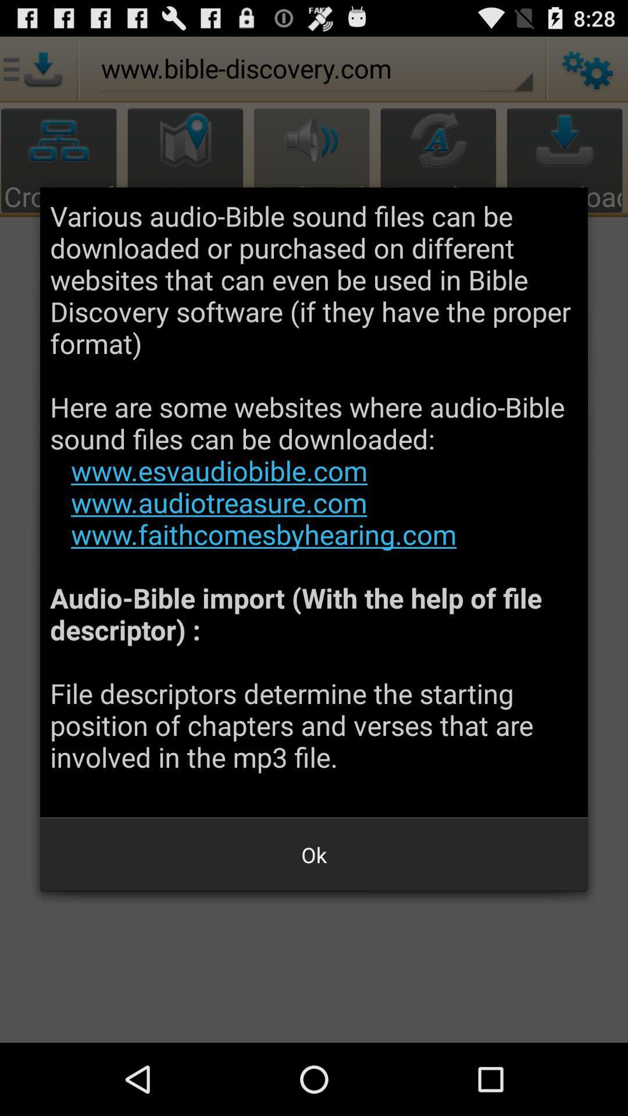  Describe the element at coordinates (314, 502) in the screenshot. I see `various audio bible item` at that location.